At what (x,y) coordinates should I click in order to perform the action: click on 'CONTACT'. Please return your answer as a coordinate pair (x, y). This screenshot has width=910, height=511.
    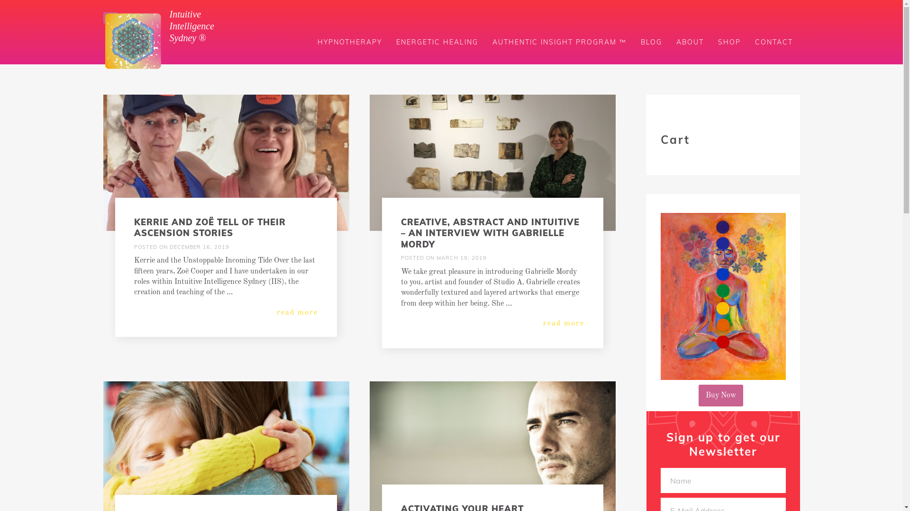
    Looking at the image, I should click on (773, 41).